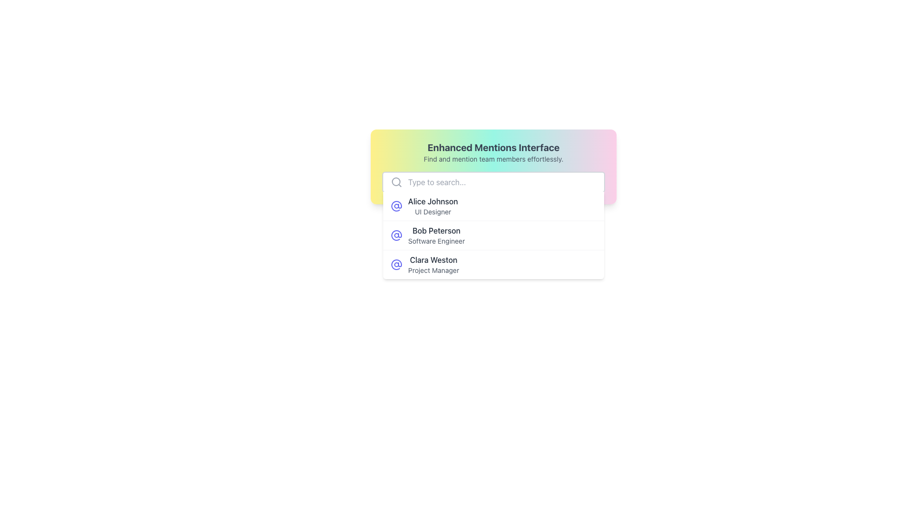 Image resolution: width=922 pixels, height=518 pixels. What do you see at coordinates (396, 205) in the screenshot?
I see `the icon located in the first row of the list, to the left of the name 'Alice Johnson' and their role 'UI Designer', which visually distinguishes the row and may indicate user-related information` at bounding box center [396, 205].